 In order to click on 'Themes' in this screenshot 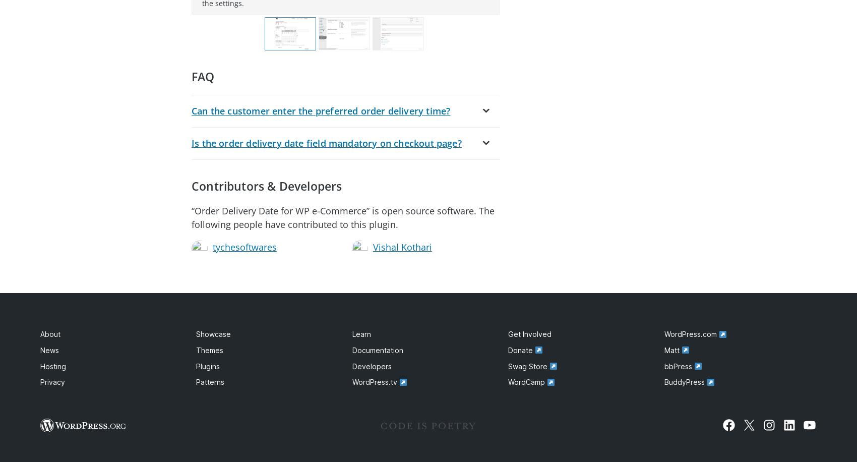, I will do `click(209, 350)`.